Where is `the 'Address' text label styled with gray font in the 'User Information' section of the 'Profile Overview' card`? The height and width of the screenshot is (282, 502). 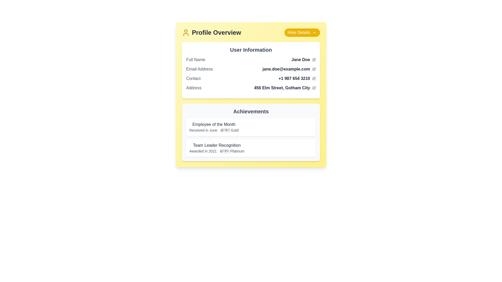
the 'Address' text label styled with gray font in the 'User Information' section of the 'Profile Overview' card is located at coordinates (193, 87).